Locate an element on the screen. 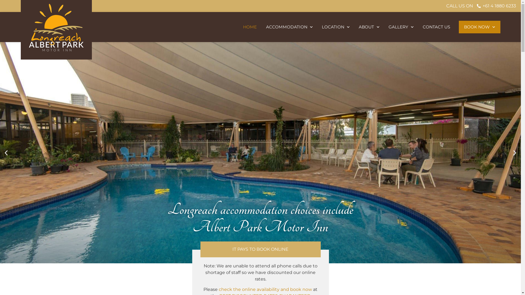 This screenshot has height=295, width=525. 'check the online availability and book now' is located at coordinates (265, 289).